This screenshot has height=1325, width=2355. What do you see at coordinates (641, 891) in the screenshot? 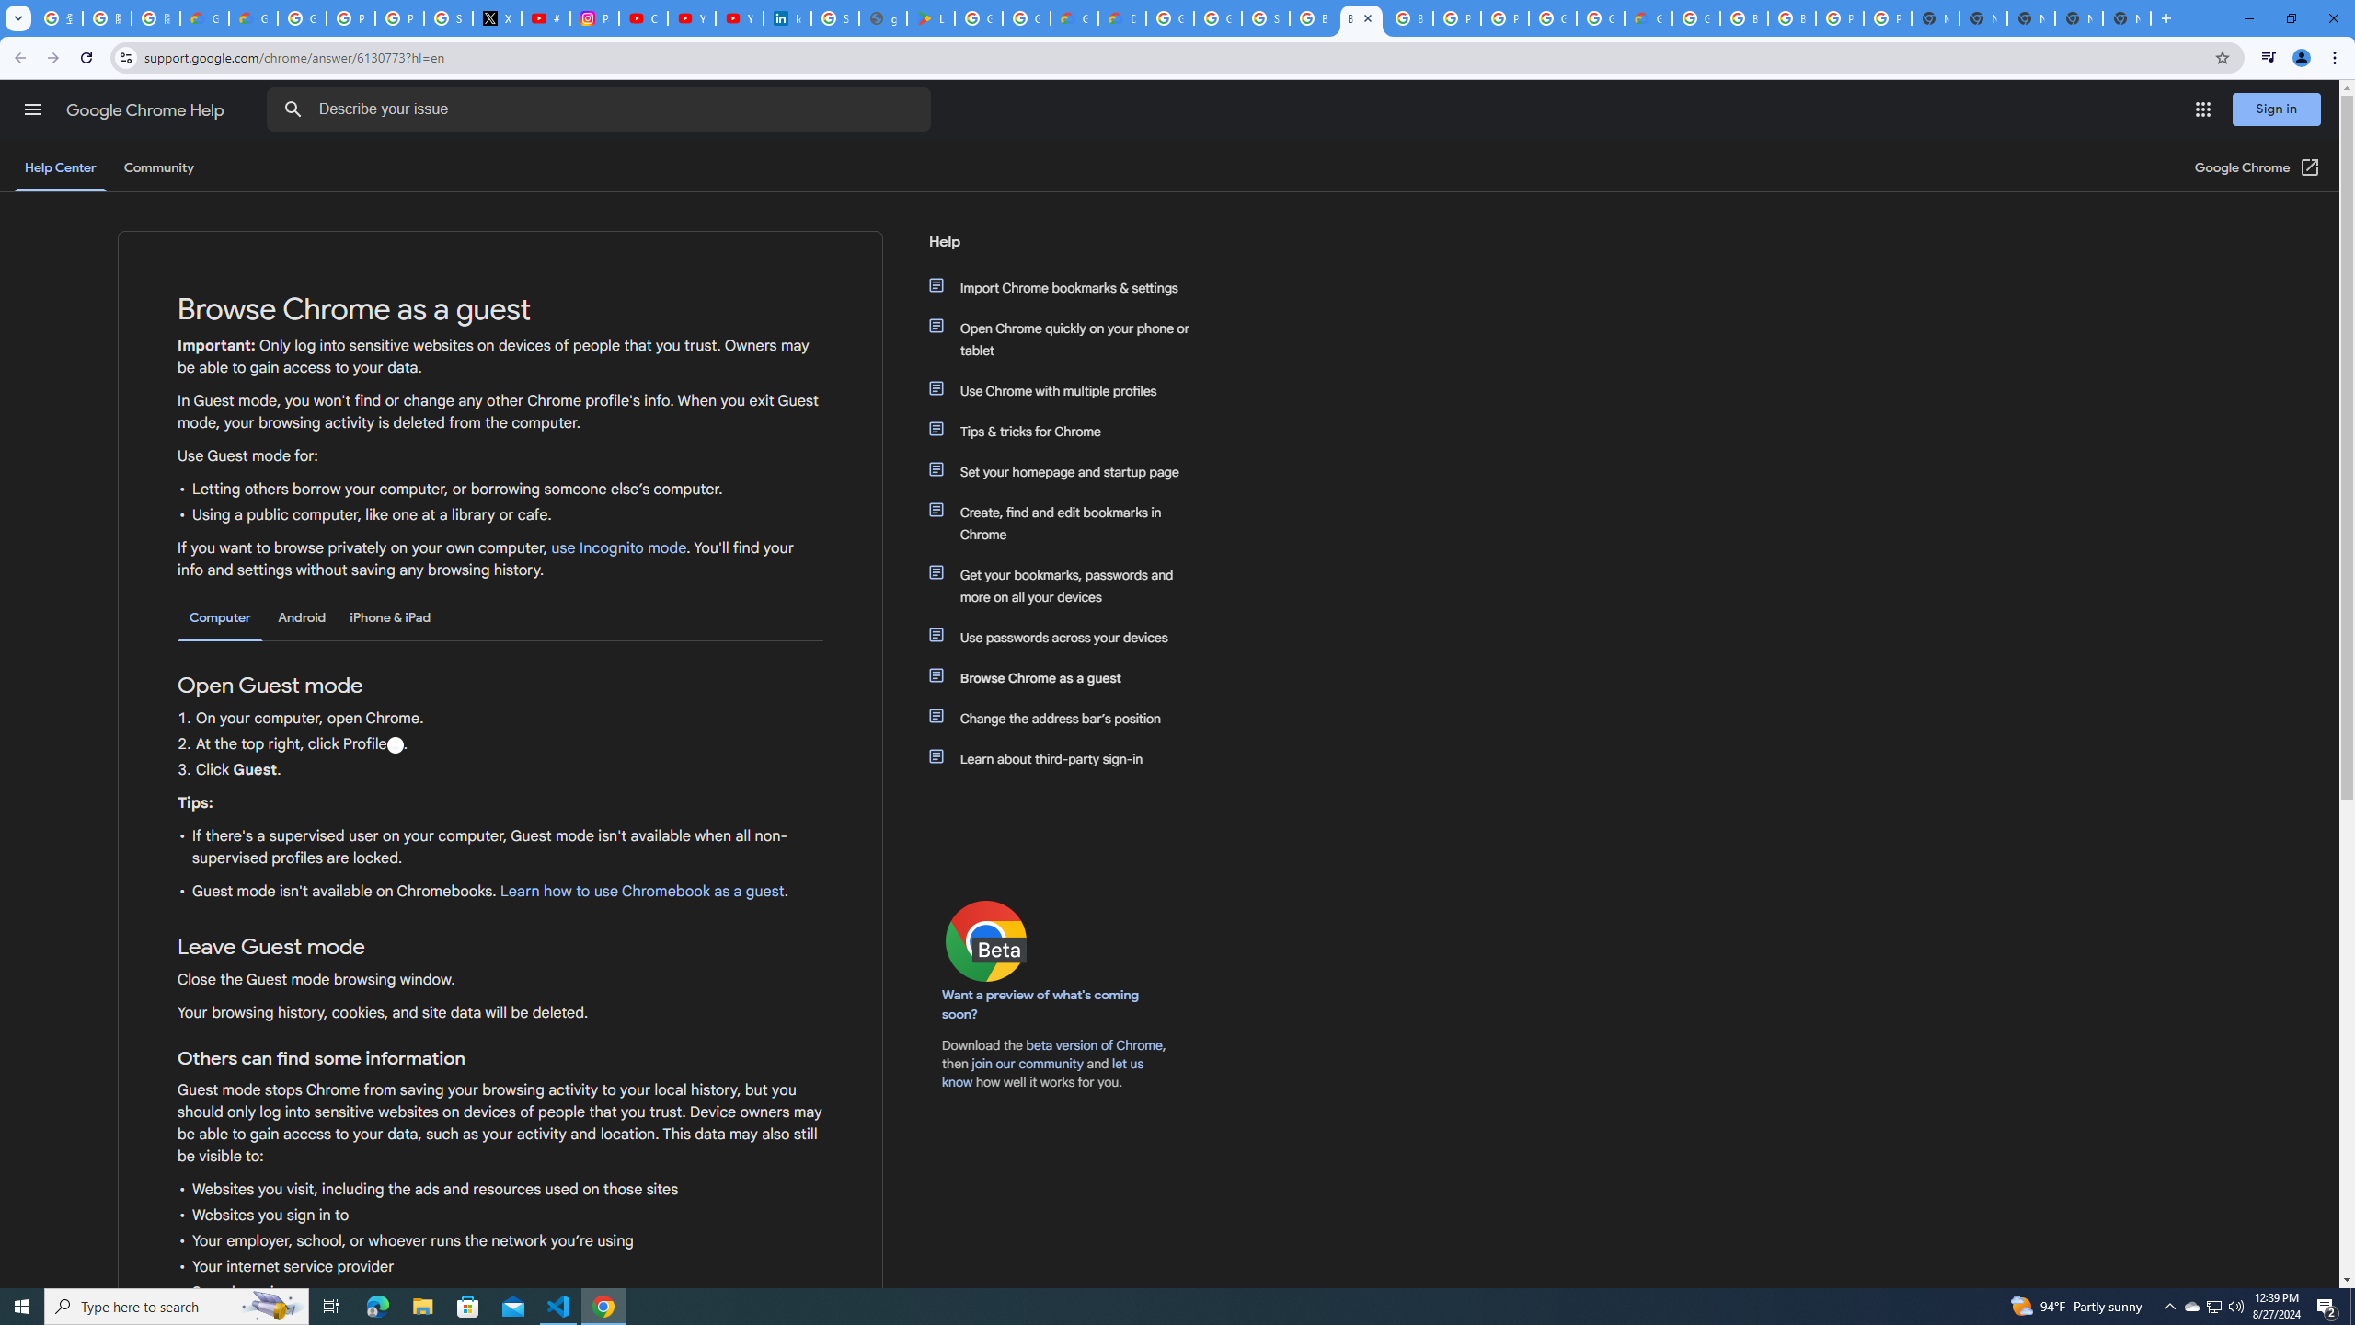
I see `'Learn how to use Chromebook as a guest'` at bounding box center [641, 891].